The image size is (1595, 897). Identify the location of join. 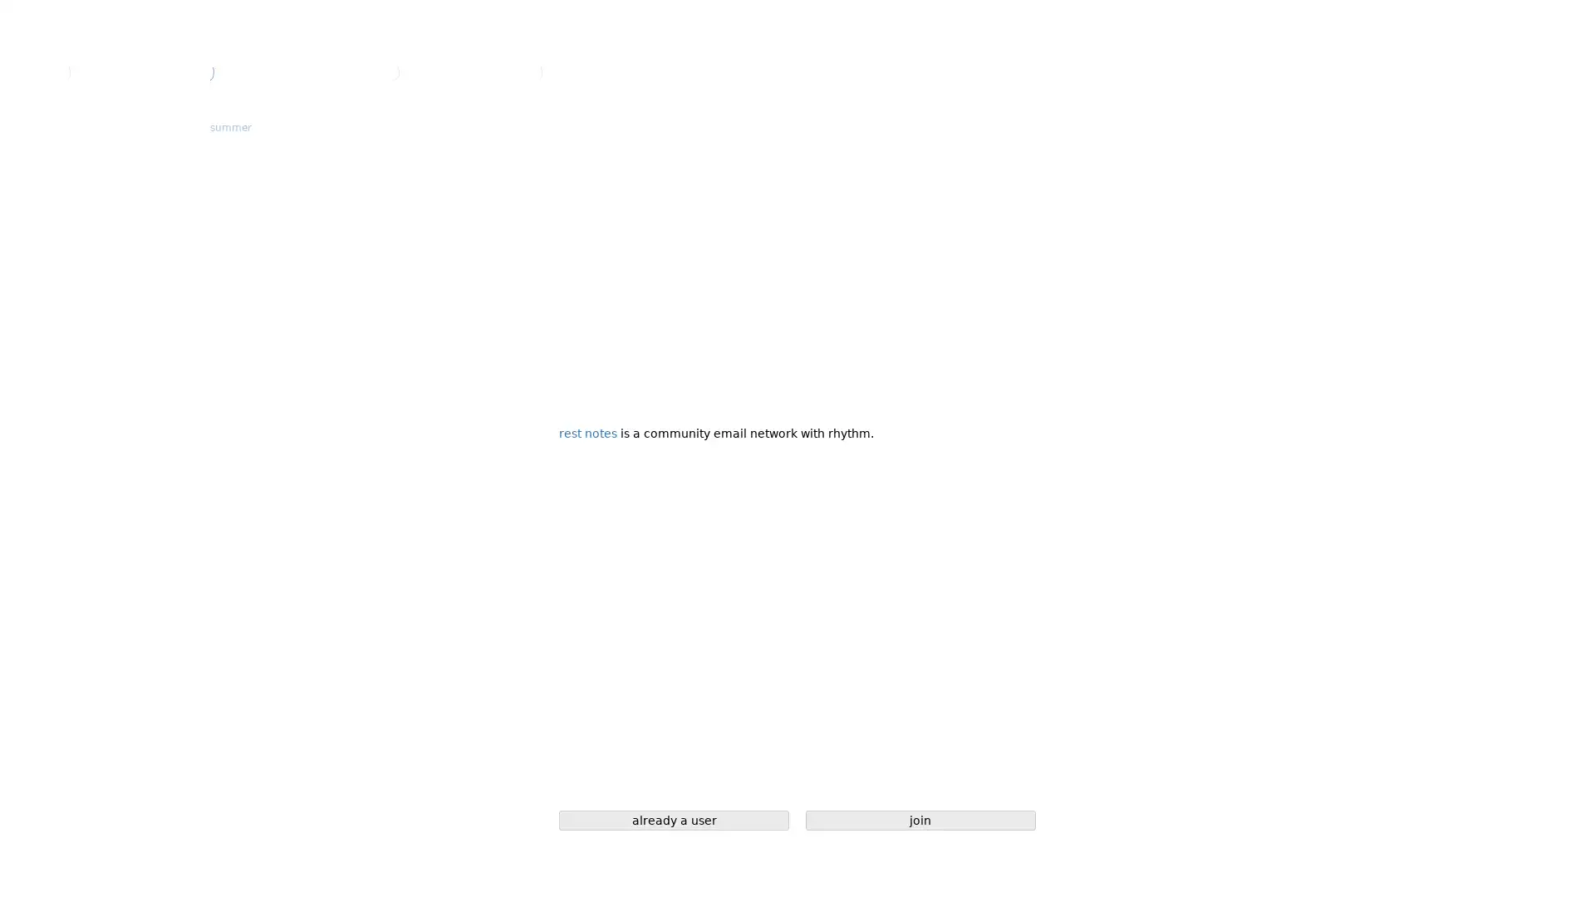
(920, 819).